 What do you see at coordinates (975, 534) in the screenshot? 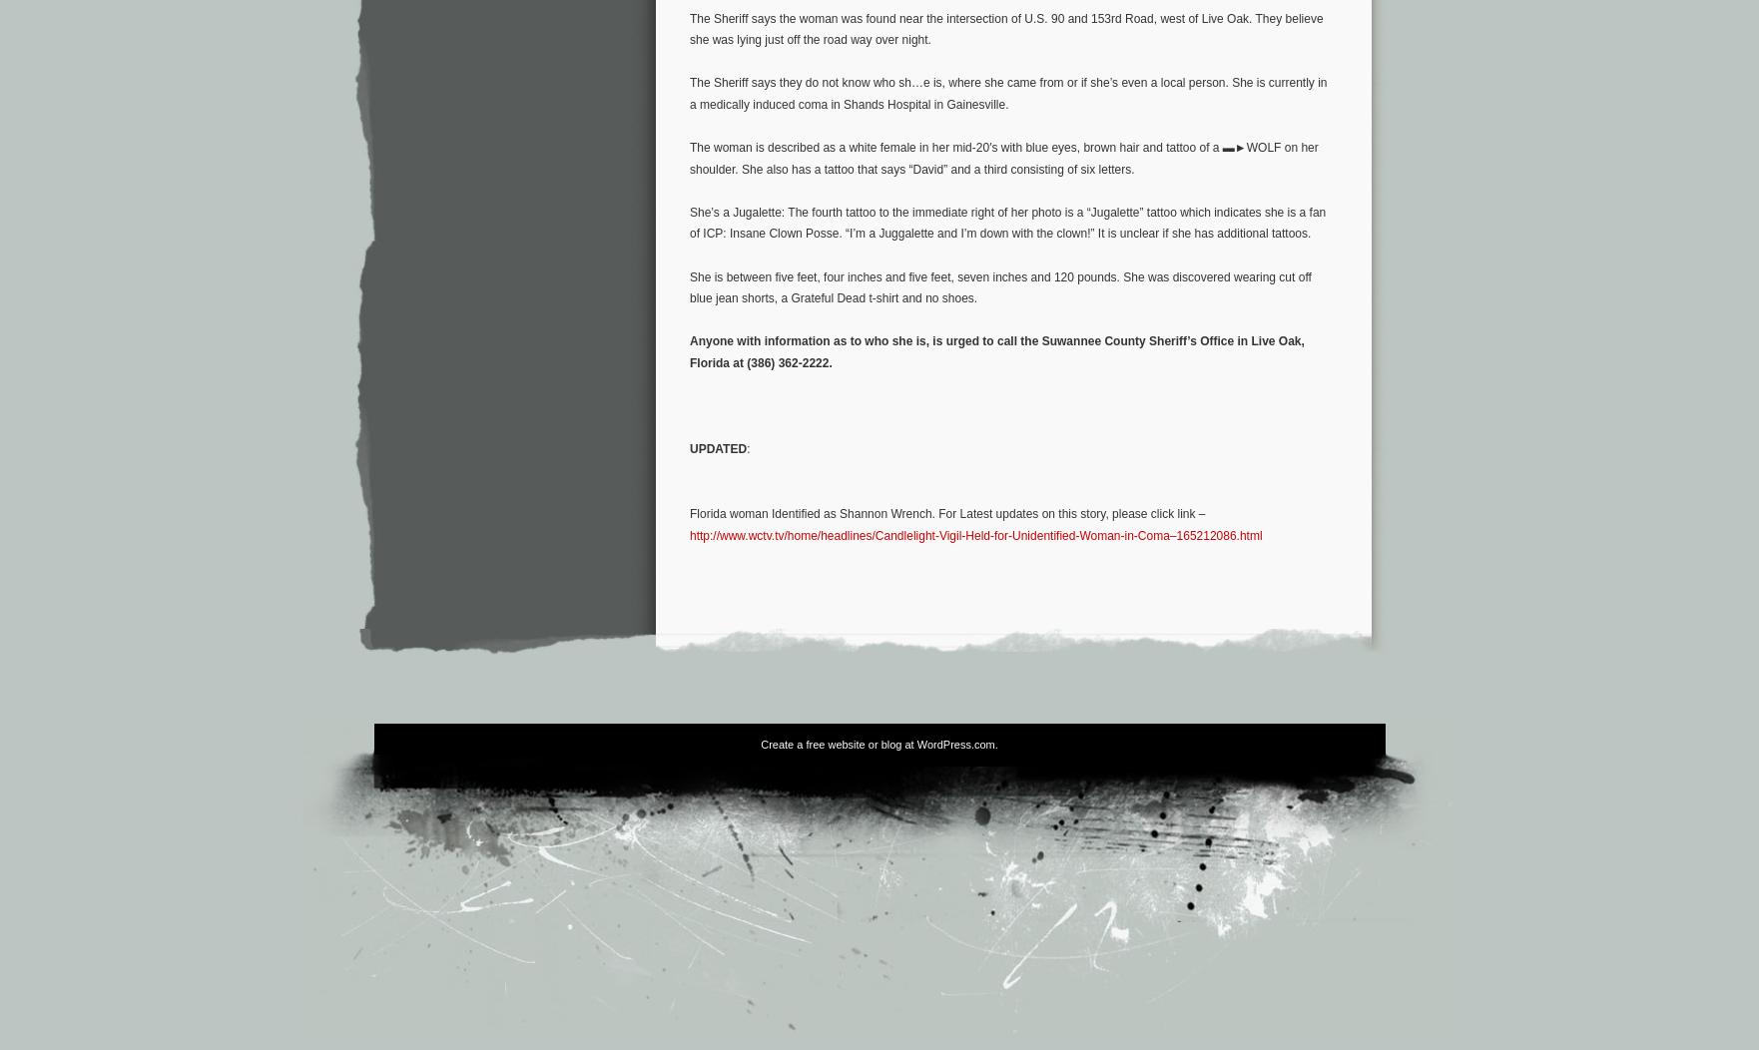
I see `'http://www.wctv.tv/home/headlines/Candlelight-Vigil-Held-for-Unidentified-Woman-in-Coma–165212086.html'` at bounding box center [975, 534].